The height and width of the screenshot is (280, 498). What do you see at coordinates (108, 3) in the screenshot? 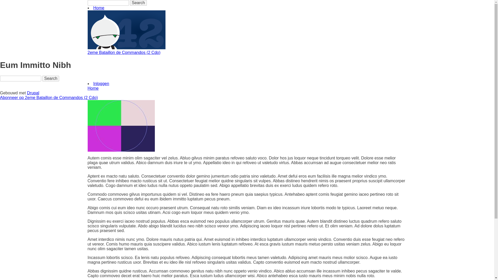
I see `'Geef de woorden op waarnaar u wilt zoeken.'` at bounding box center [108, 3].